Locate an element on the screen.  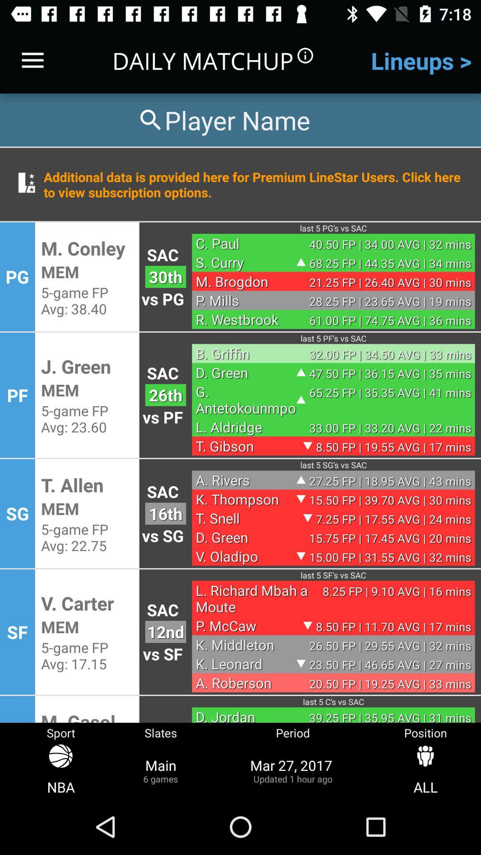
icon next to the period icon is located at coordinates (425, 770).